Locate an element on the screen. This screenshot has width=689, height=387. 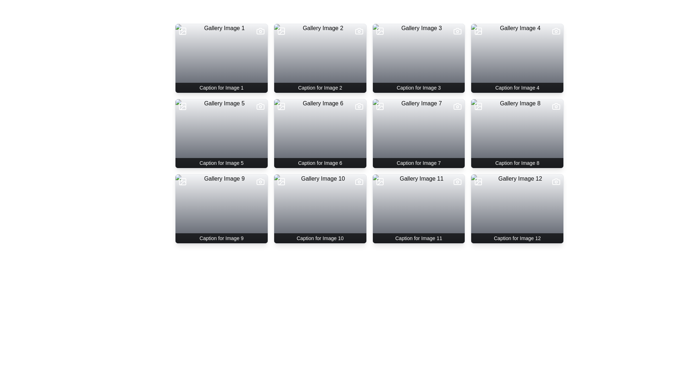
the rounded rectangle vector icon located in the top-left corner of the 12th gallery image is located at coordinates (478, 181).